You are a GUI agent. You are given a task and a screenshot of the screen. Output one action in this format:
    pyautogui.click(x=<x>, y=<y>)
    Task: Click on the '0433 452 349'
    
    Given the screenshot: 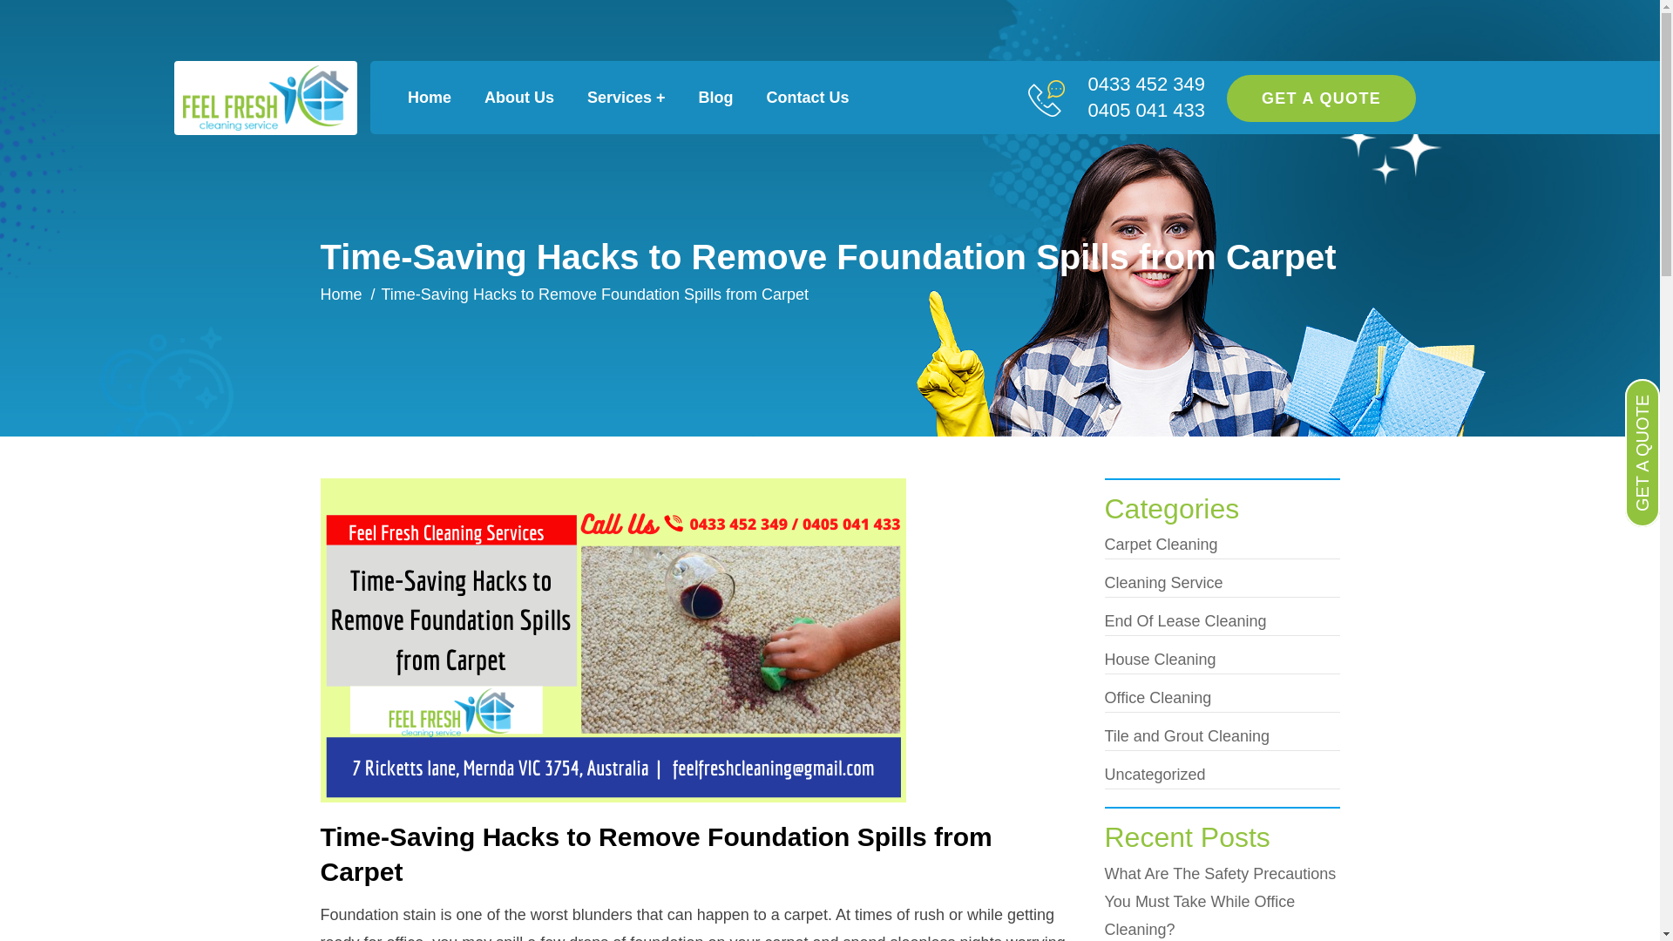 What is the action you would take?
    pyautogui.click(x=1146, y=84)
    